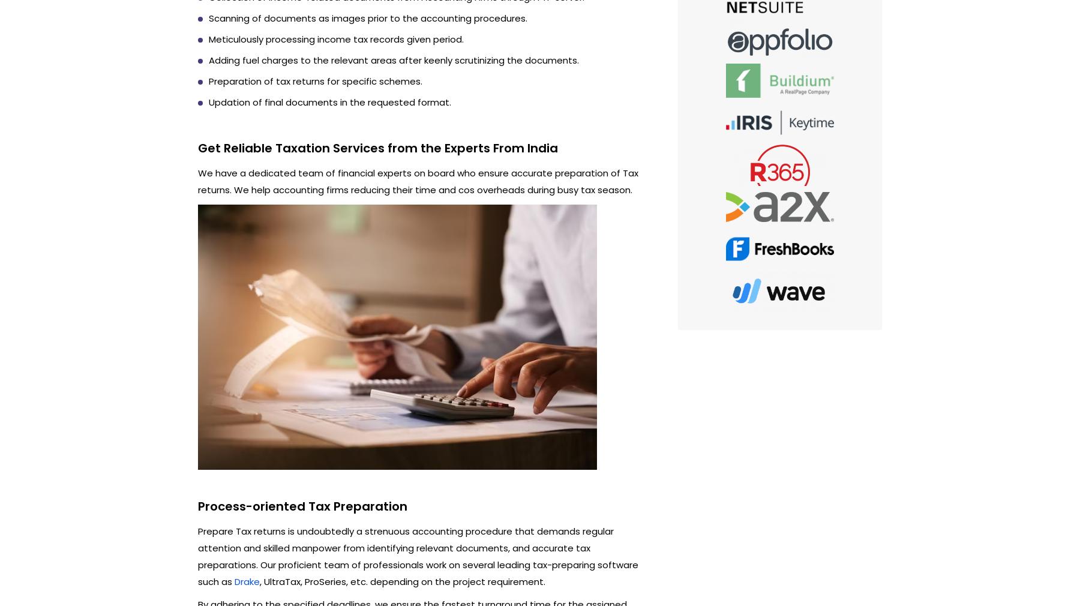 The height and width of the screenshot is (606, 1089). I want to click on 'Adding fuel charges to the relevant areas after keenly scrutinizing the documents.', so click(208, 59).